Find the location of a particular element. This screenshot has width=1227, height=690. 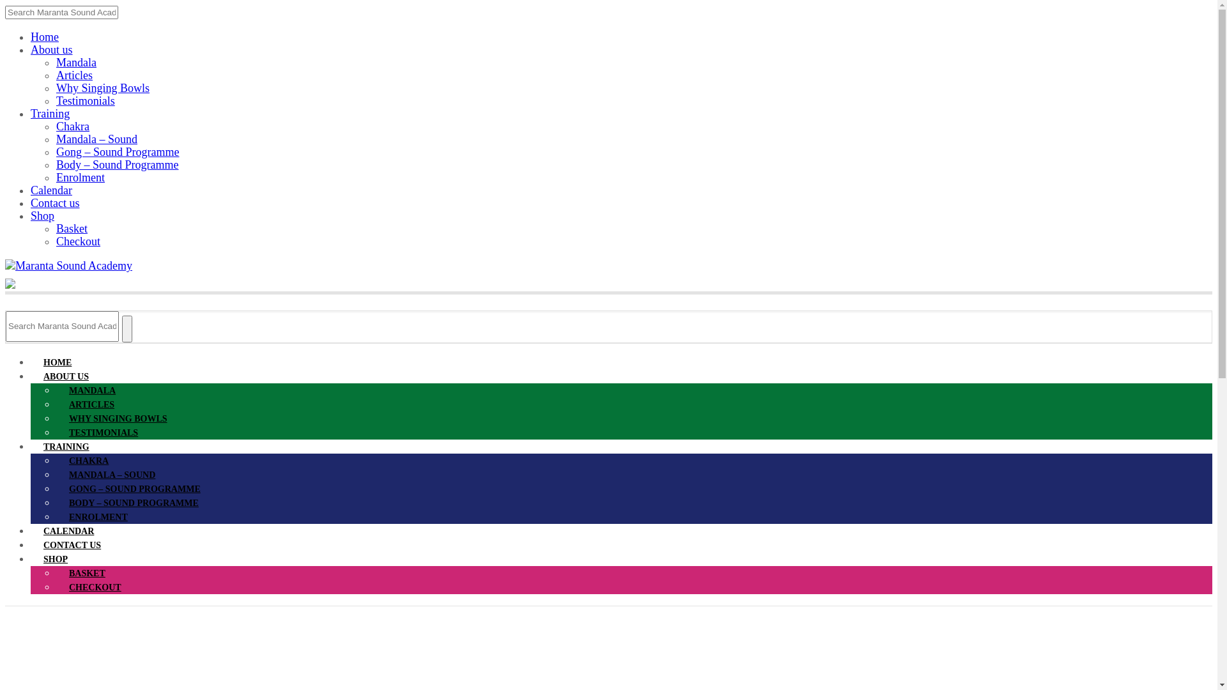

'Basket' is located at coordinates (71, 228).